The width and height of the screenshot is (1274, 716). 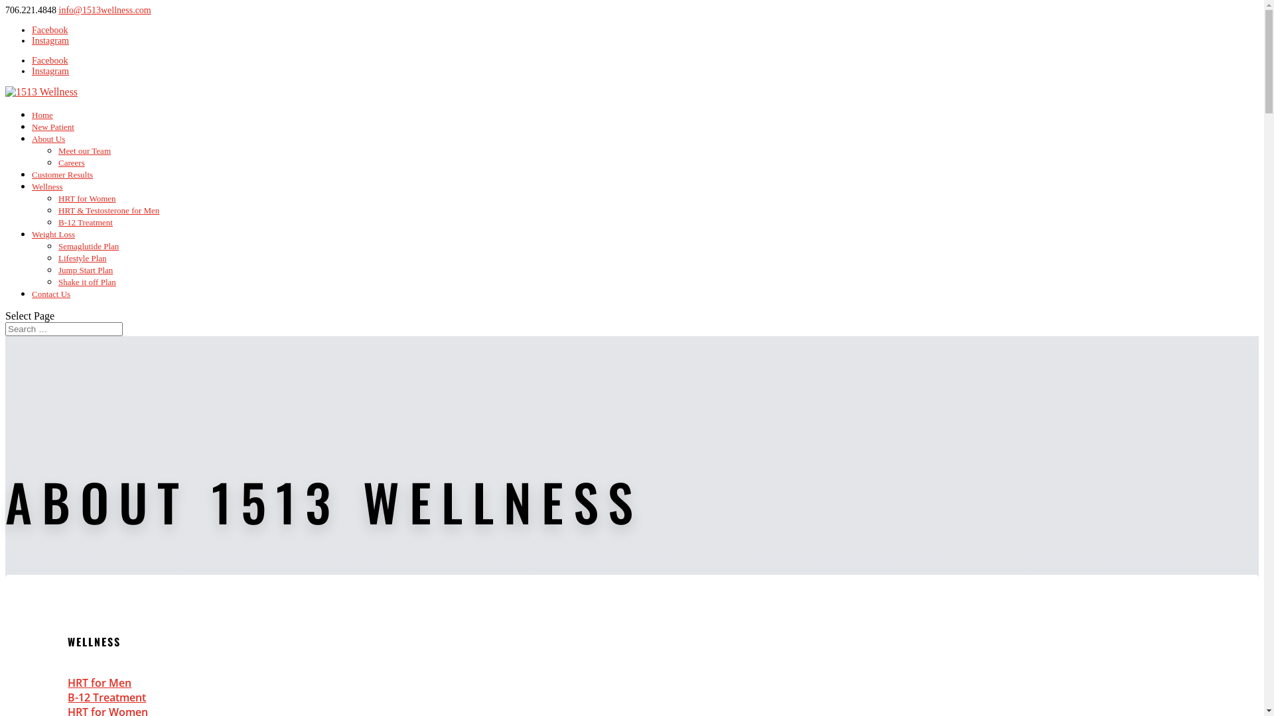 What do you see at coordinates (32, 60) in the screenshot?
I see `'Facebook'` at bounding box center [32, 60].